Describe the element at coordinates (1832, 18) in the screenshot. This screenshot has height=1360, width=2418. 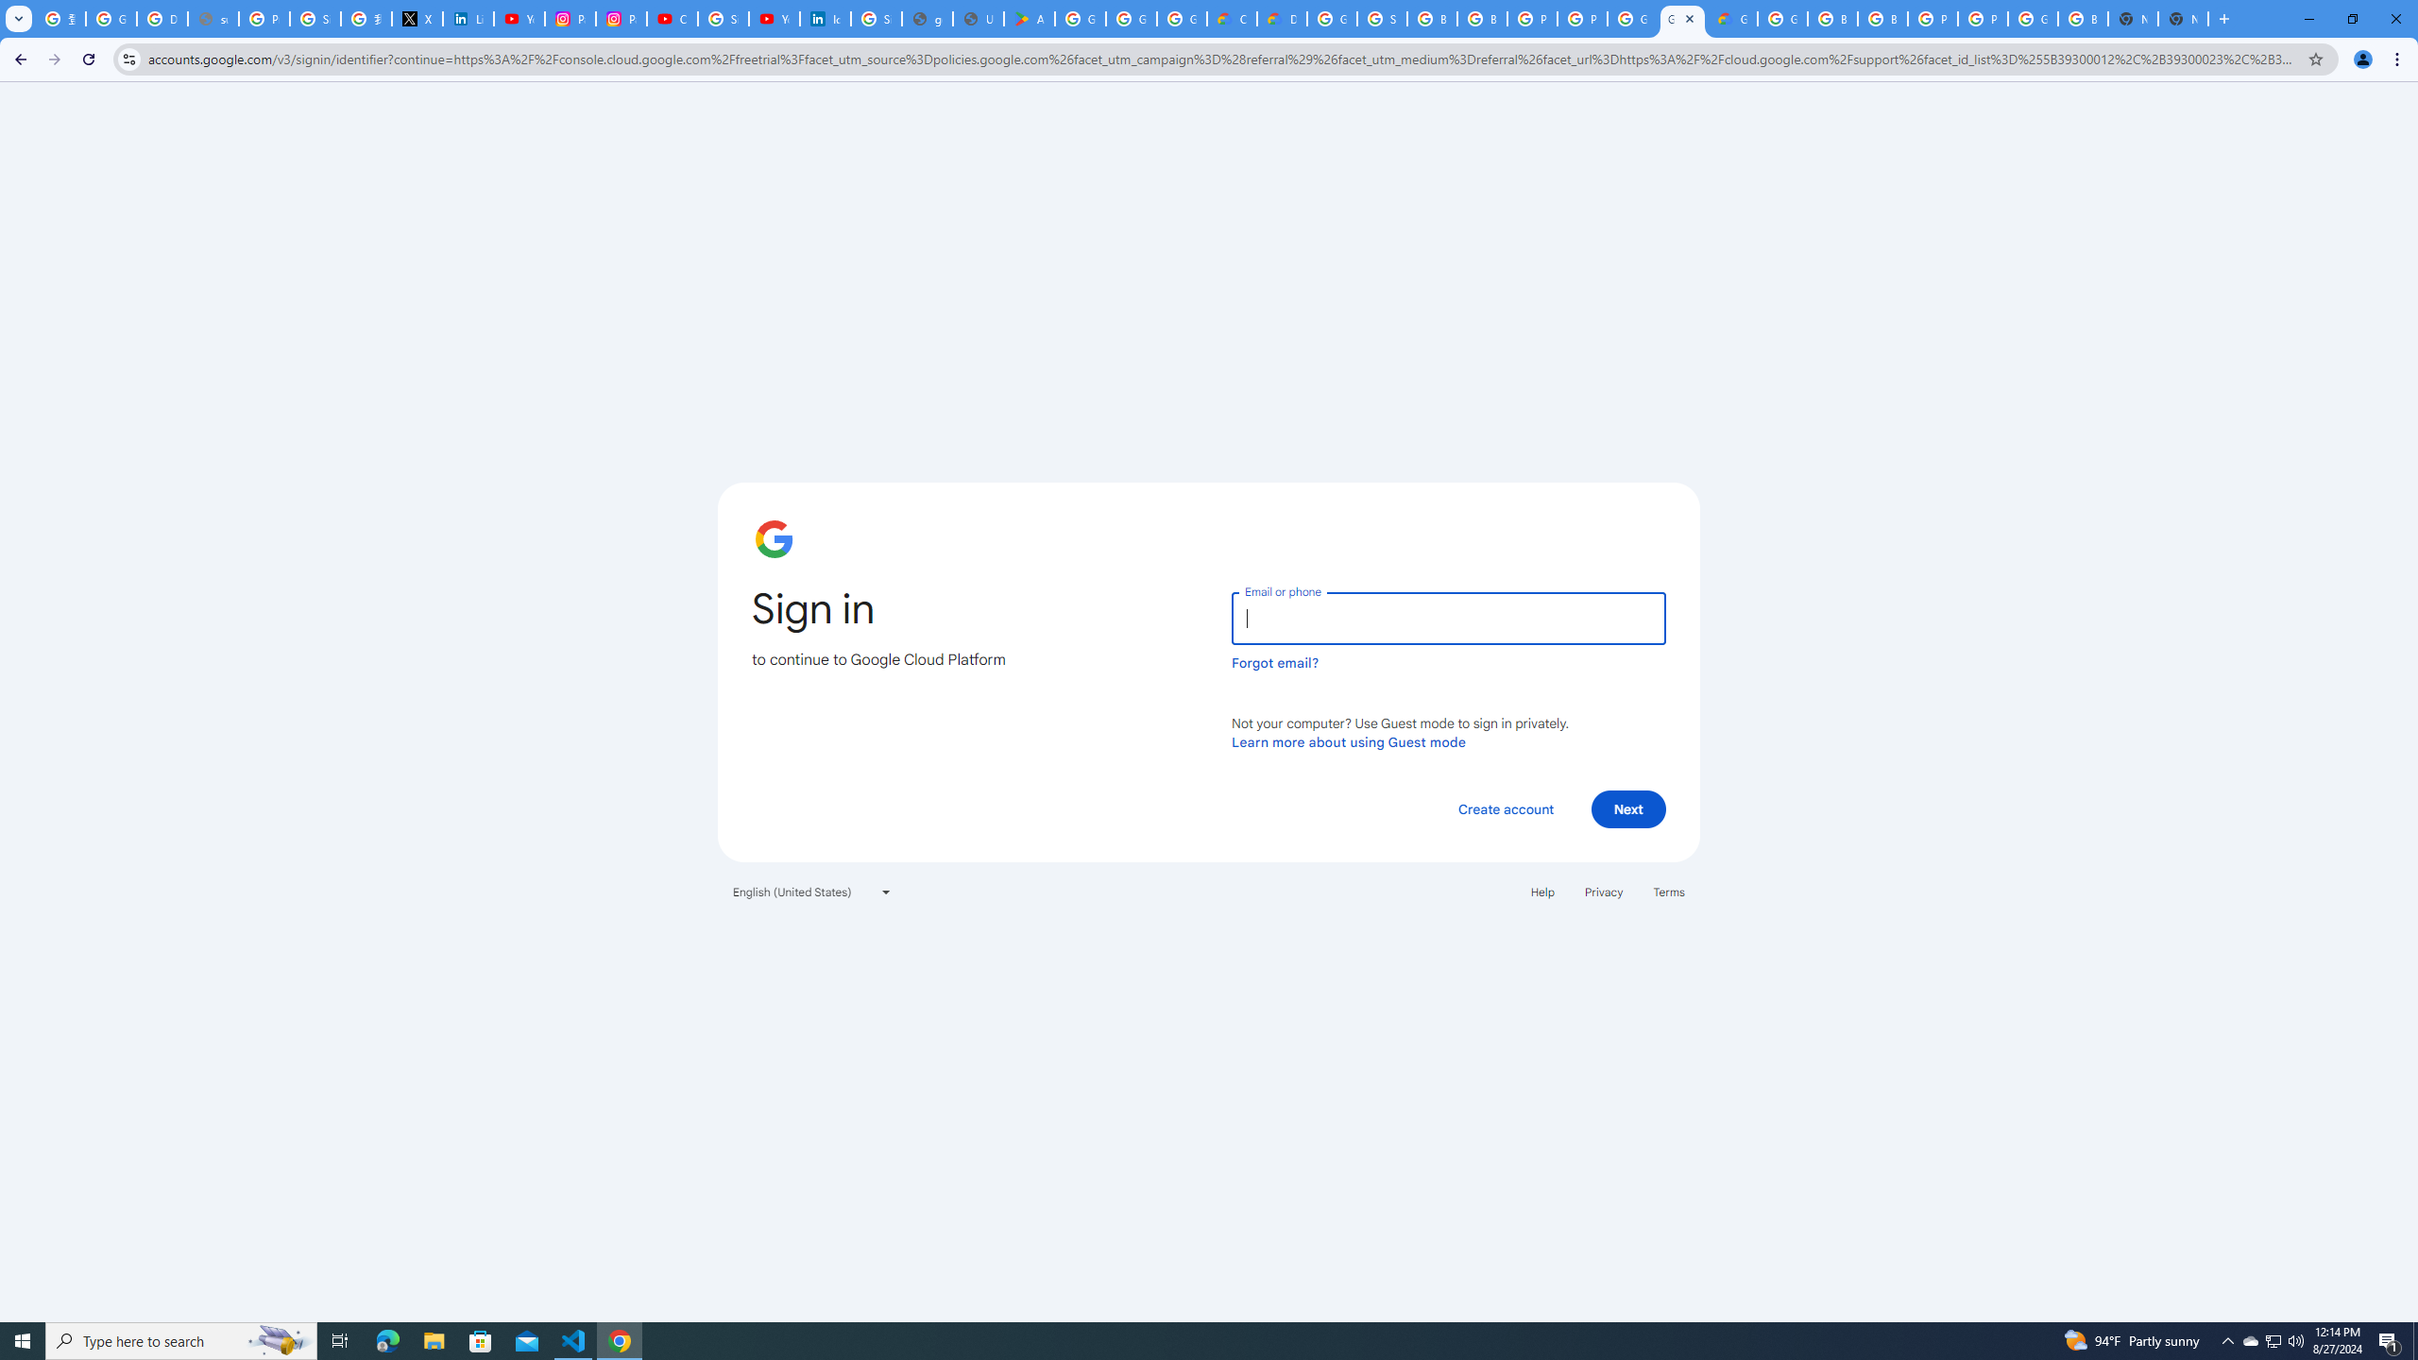
I see `'Browse Chrome as a guest - Computer - Google Chrome Help'` at that location.